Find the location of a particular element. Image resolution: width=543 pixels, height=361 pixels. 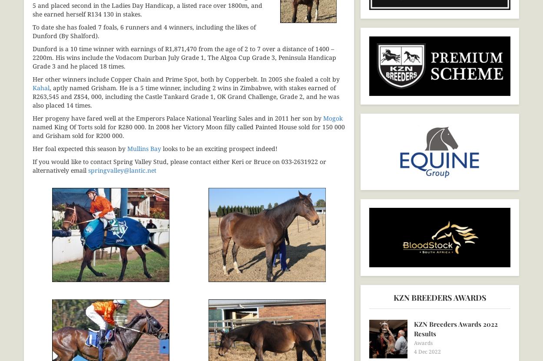

'Dunford is a 10 time winner with earnings of R1,871,470 from the age of 2 to 7  over a distance of 1400 – 2200m. His wins include the Vodacom Durban July Grade 1, The Algoa Cup Grade 3, Peninsula Handicap Grade 3 and he placed 18 times.' is located at coordinates (184, 57).